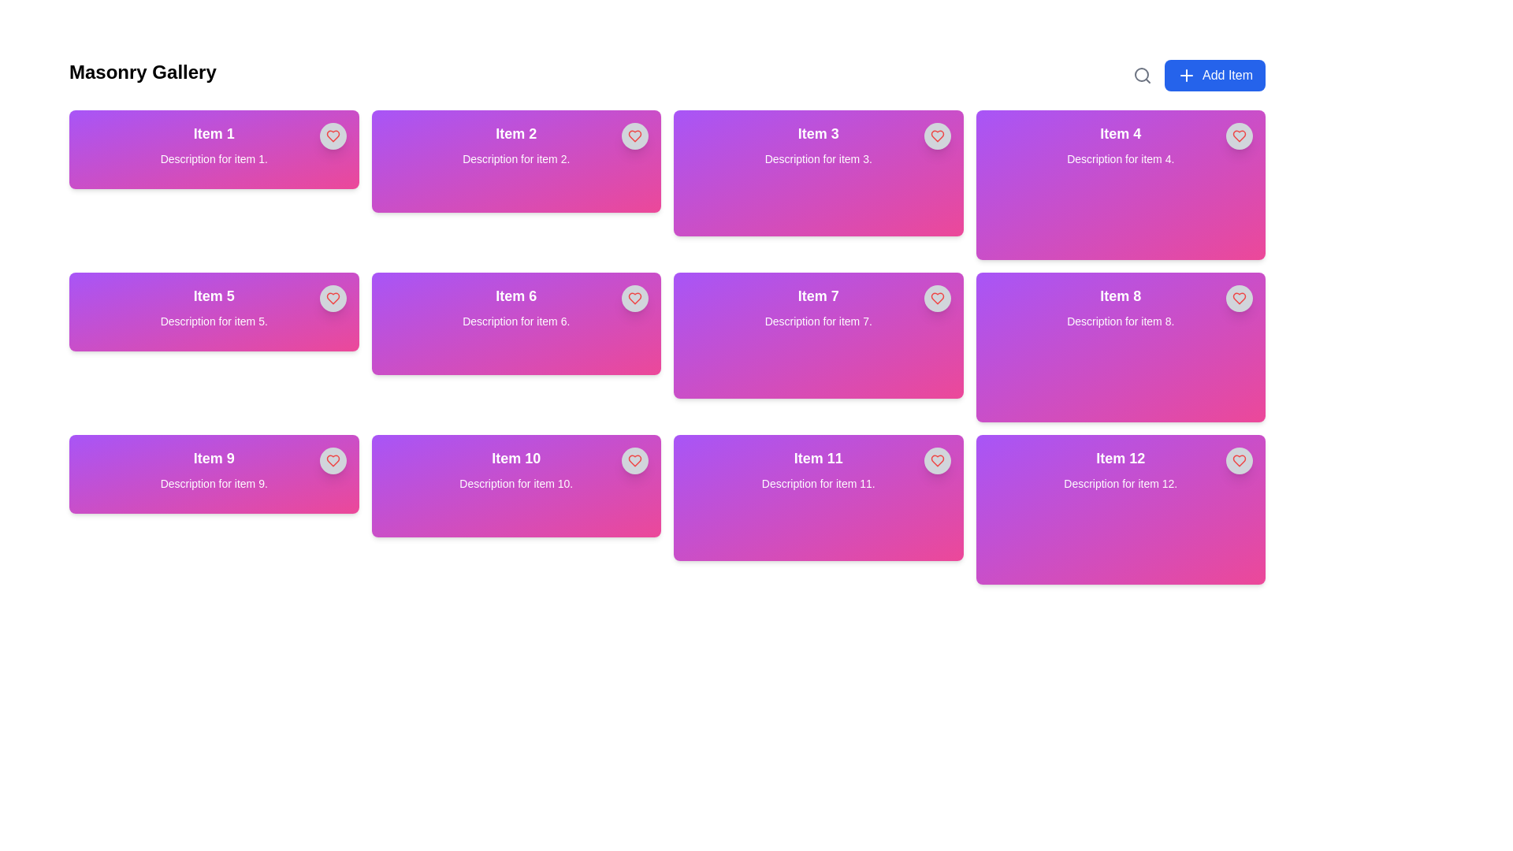 Image resolution: width=1513 pixels, height=851 pixels. What do you see at coordinates (516, 321) in the screenshot?
I see `the static text that provides a brief description for 'Item 6', which is centrally aligned beneath its title` at bounding box center [516, 321].